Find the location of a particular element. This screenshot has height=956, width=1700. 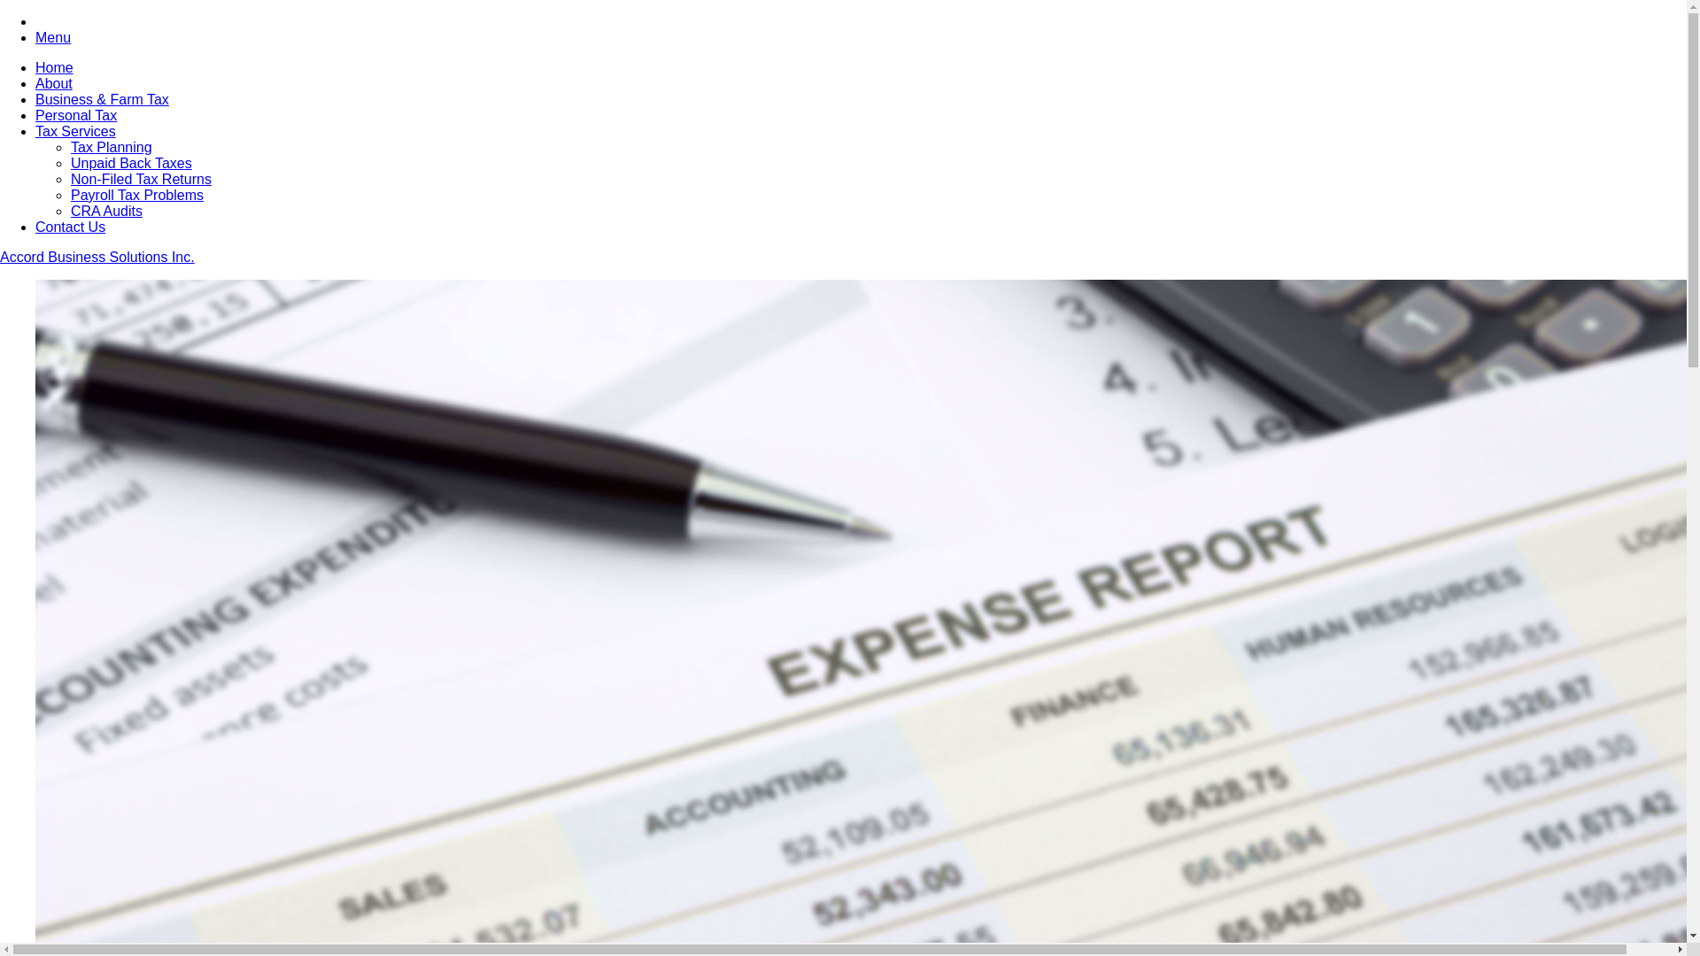

'Tax Services' is located at coordinates (74, 130).